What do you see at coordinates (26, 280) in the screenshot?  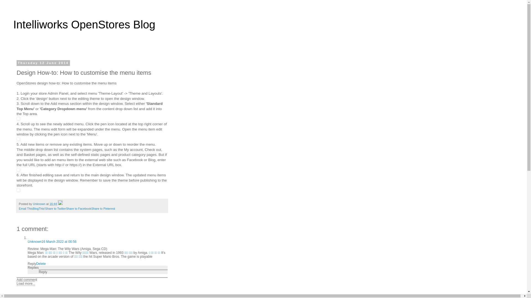 I see `'Add comment'` at bounding box center [26, 280].